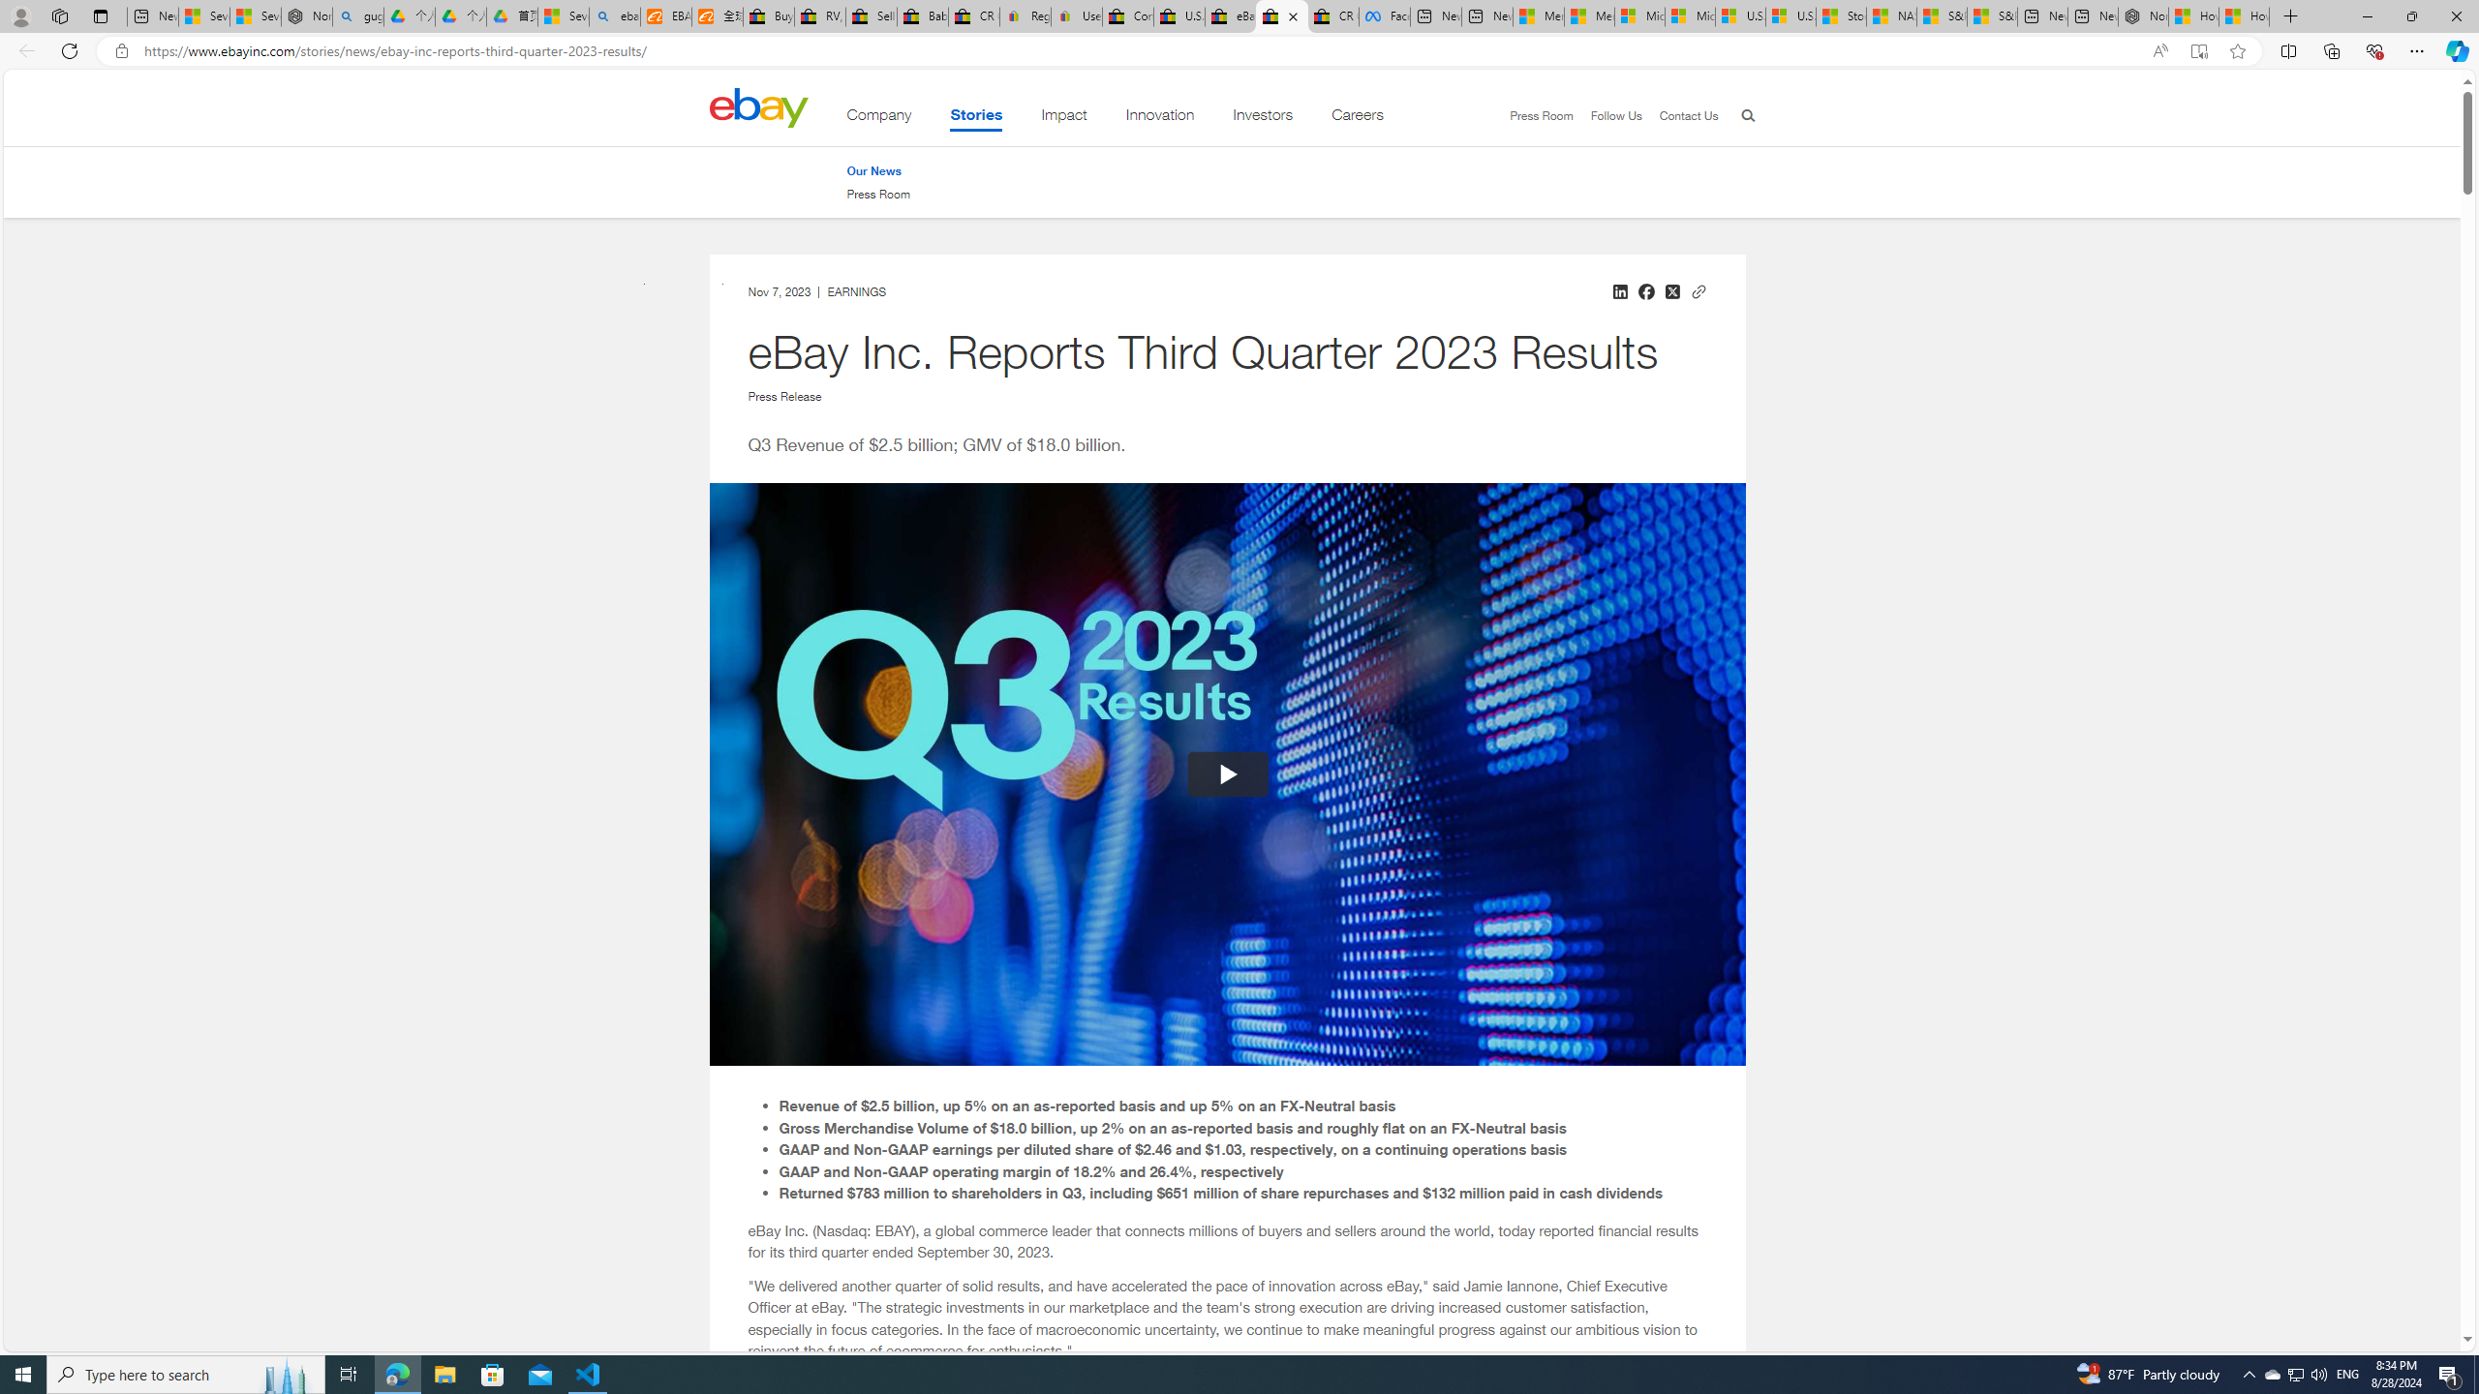 The width and height of the screenshot is (2479, 1394). Describe the element at coordinates (975, 118) in the screenshot. I see `'Stories'` at that location.